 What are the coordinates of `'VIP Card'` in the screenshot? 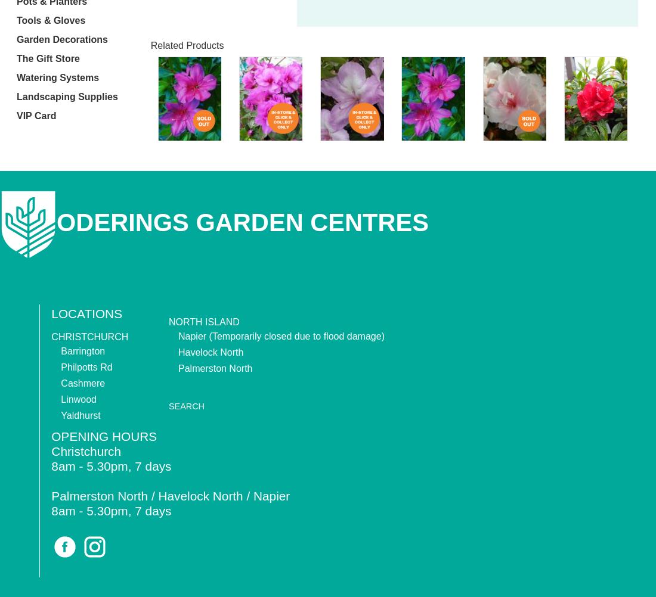 It's located at (16, 116).